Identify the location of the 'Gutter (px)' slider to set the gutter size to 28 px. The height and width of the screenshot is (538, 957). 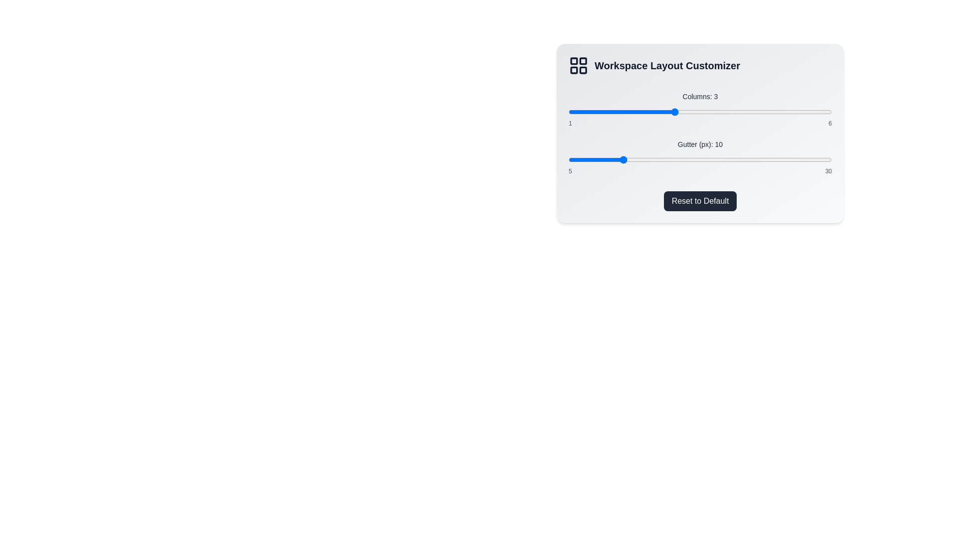
(810, 159).